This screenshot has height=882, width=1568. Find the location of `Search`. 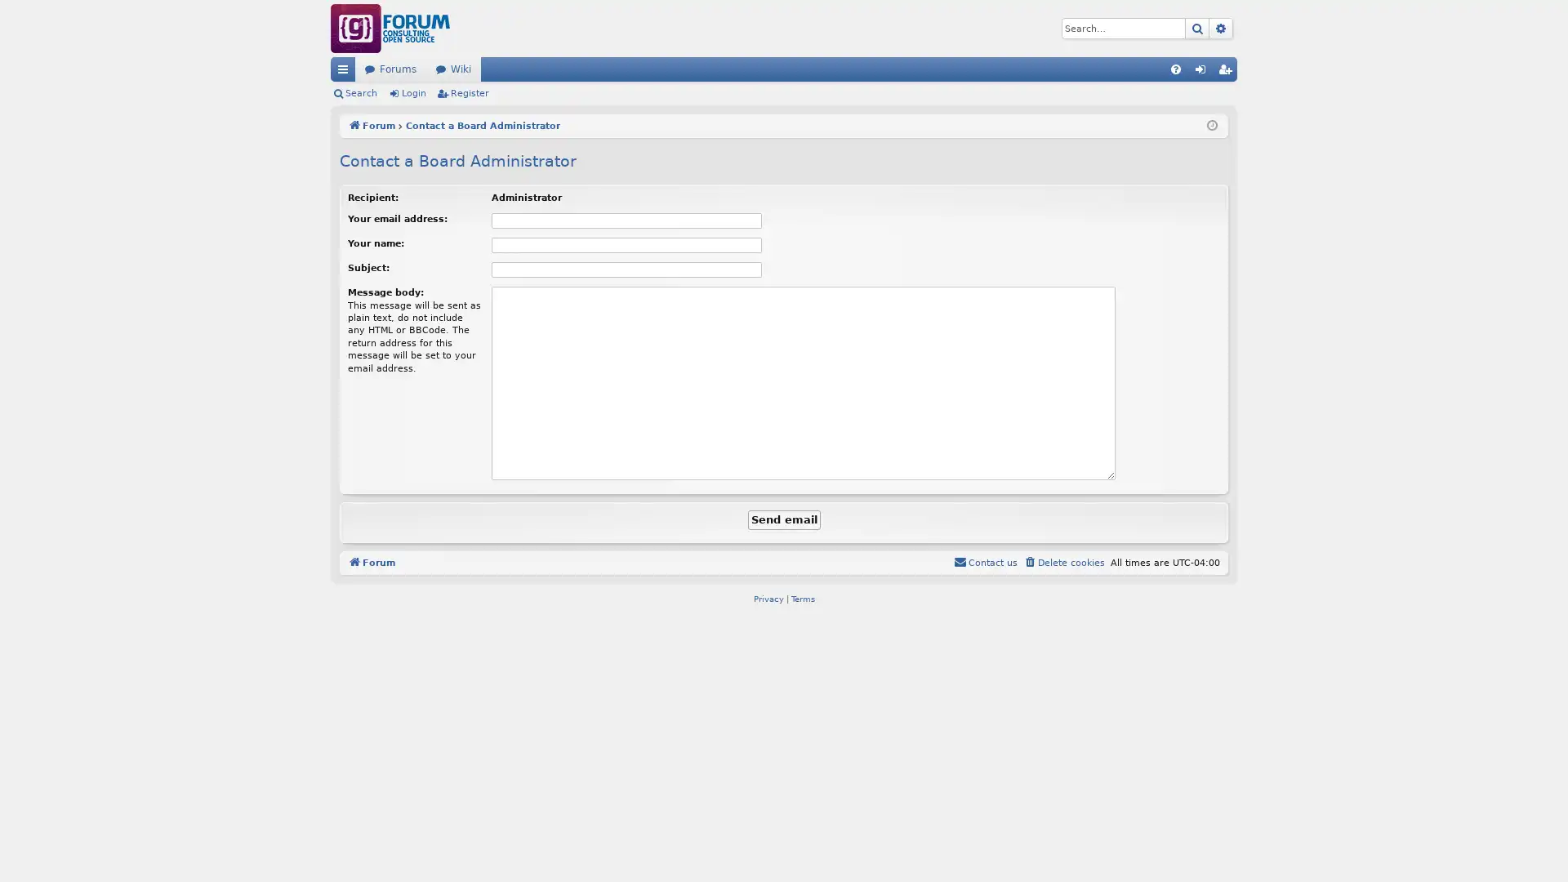

Search is located at coordinates (1196, 28).